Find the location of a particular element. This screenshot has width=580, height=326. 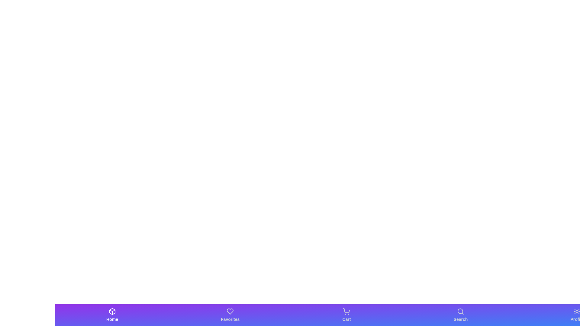

the Home tab in the bottom bar is located at coordinates (112, 315).